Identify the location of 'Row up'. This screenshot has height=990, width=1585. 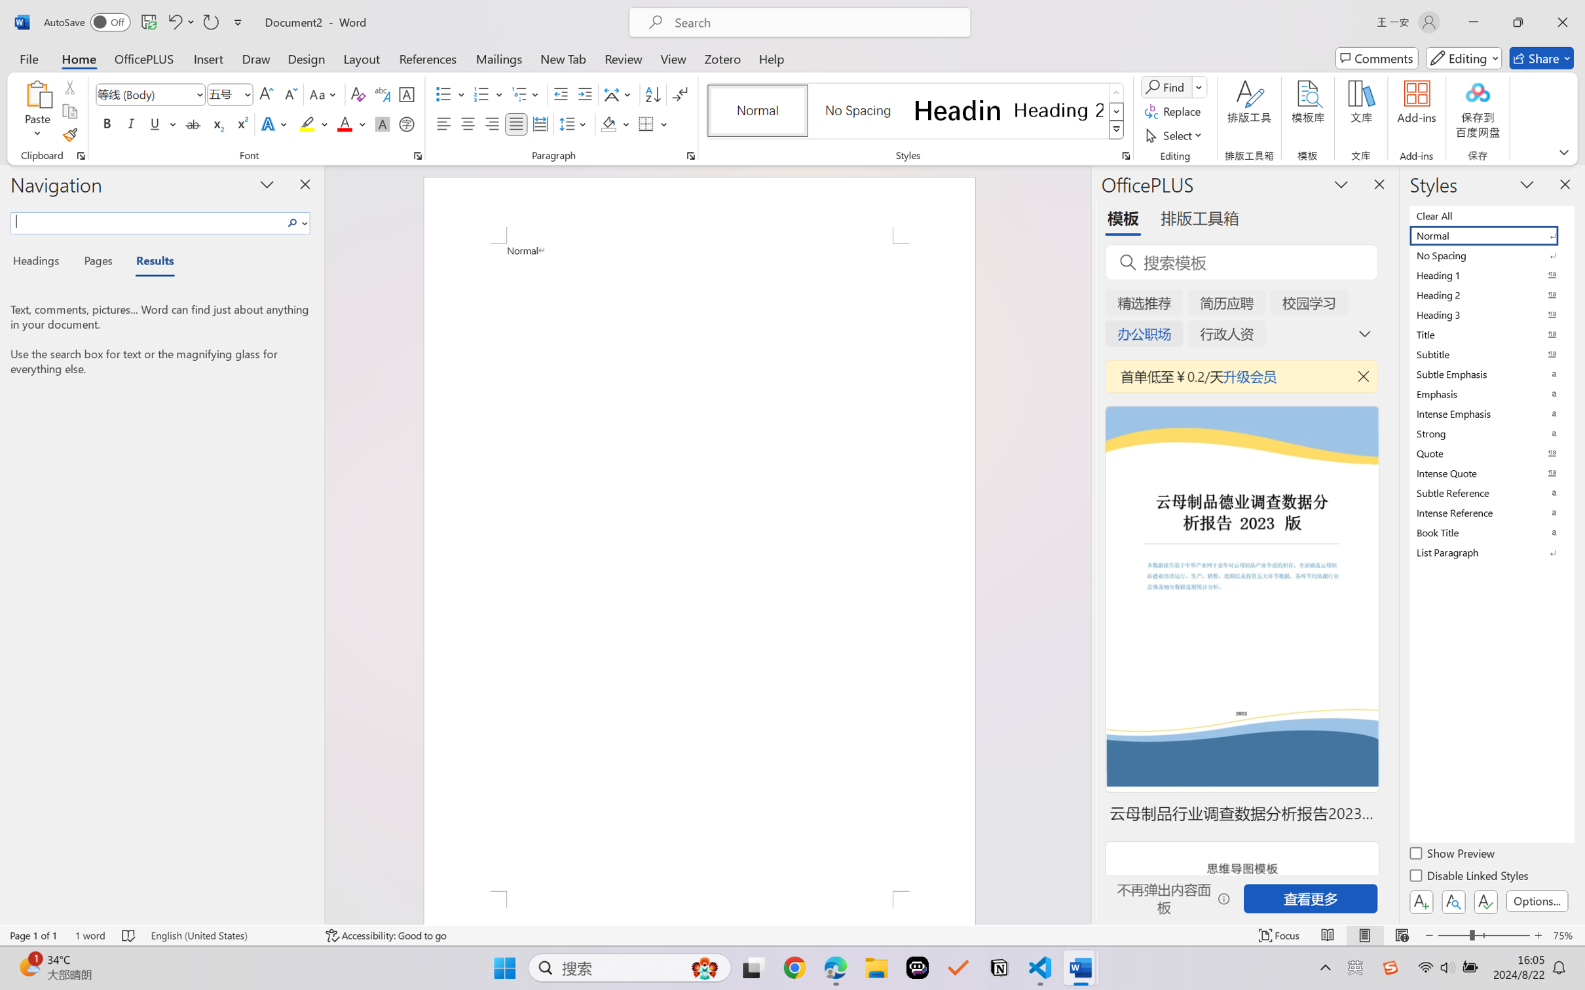
(1115, 92).